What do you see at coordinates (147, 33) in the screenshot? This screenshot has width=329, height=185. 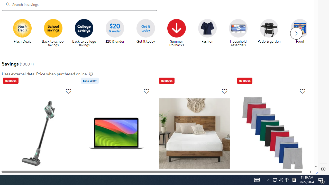 I see `'Get it today'` at bounding box center [147, 33].